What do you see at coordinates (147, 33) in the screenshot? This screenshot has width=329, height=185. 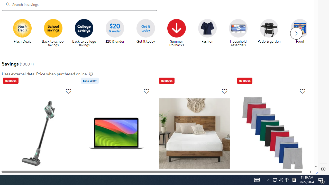 I see `'Get it today'` at bounding box center [147, 33].